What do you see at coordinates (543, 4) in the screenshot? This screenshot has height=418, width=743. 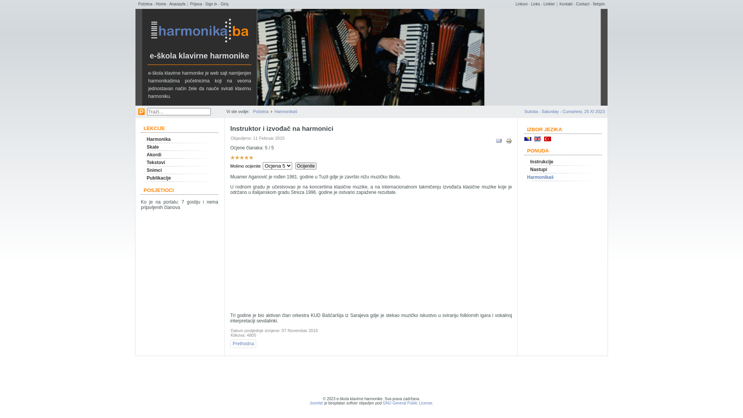 I see `'Linkler'` at bounding box center [543, 4].